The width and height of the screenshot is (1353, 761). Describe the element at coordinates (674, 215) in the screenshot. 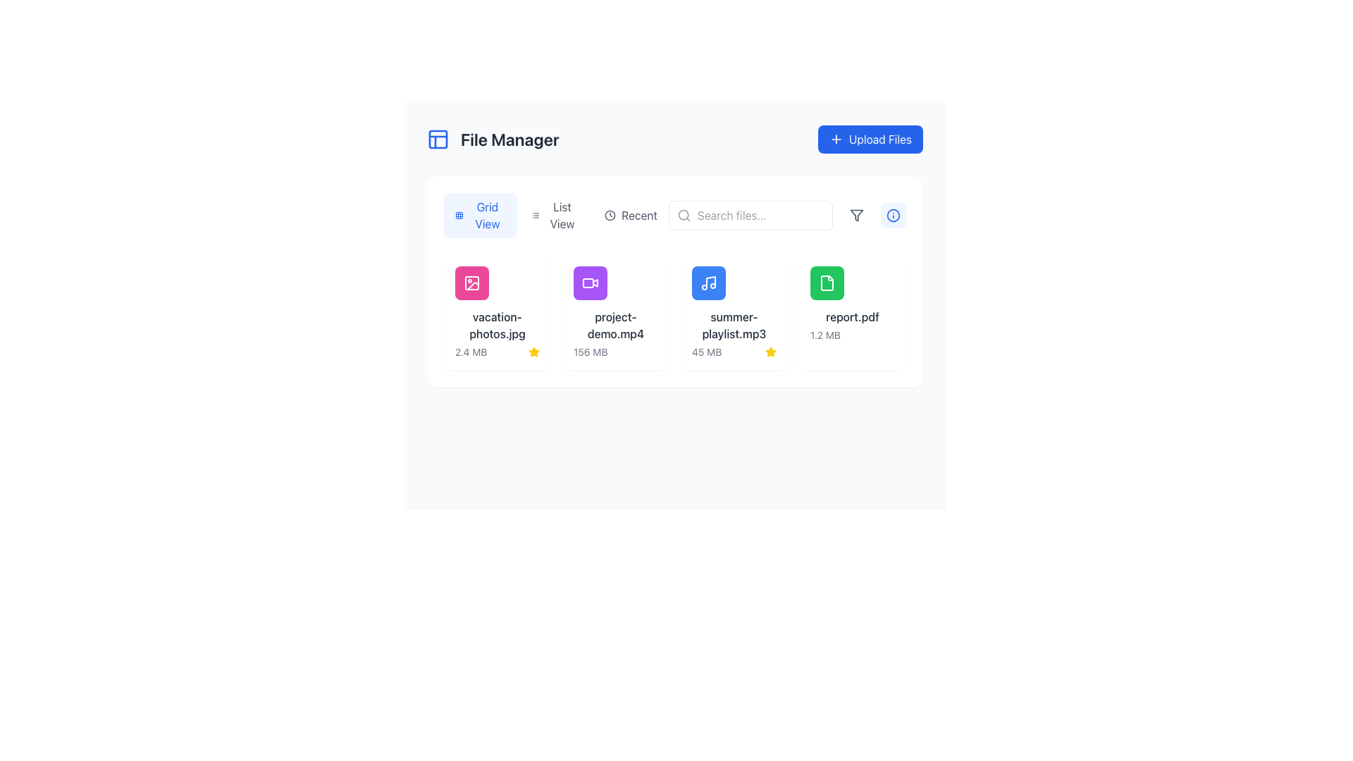

I see `the Toggle buttons group labeled 'Grid View,' 'List View,' and 'Recent' through keyboard navigation` at that location.